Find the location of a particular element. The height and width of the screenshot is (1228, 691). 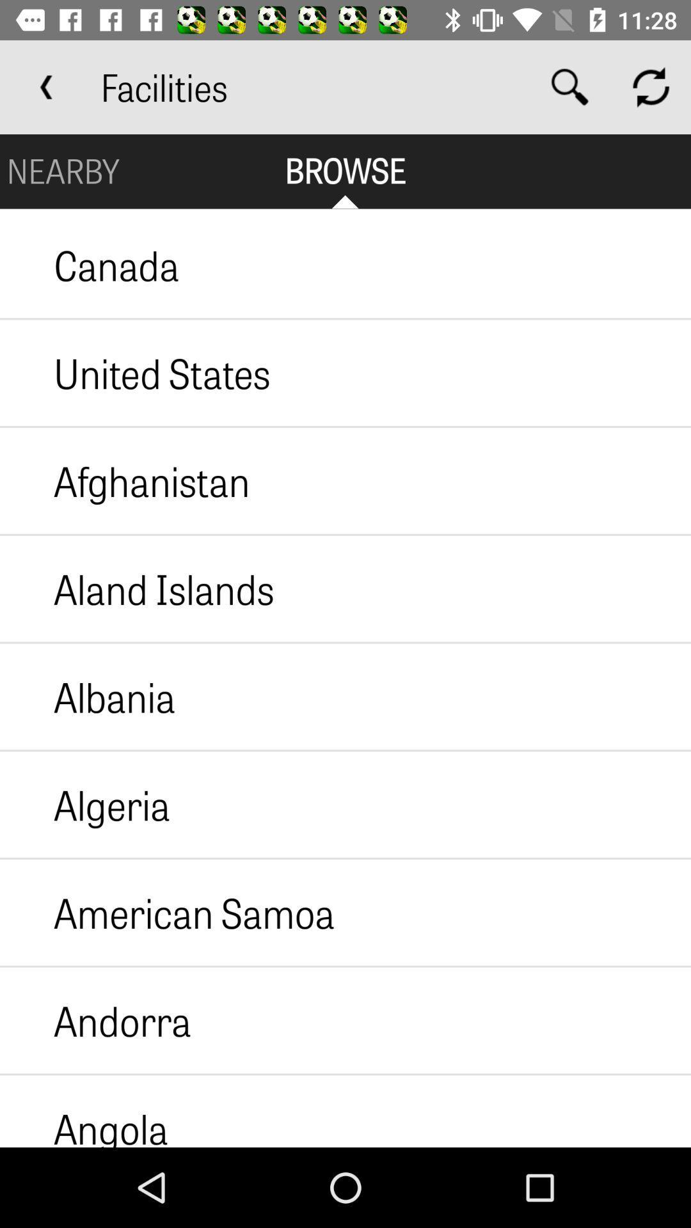

the andorra item is located at coordinates (95, 1019).